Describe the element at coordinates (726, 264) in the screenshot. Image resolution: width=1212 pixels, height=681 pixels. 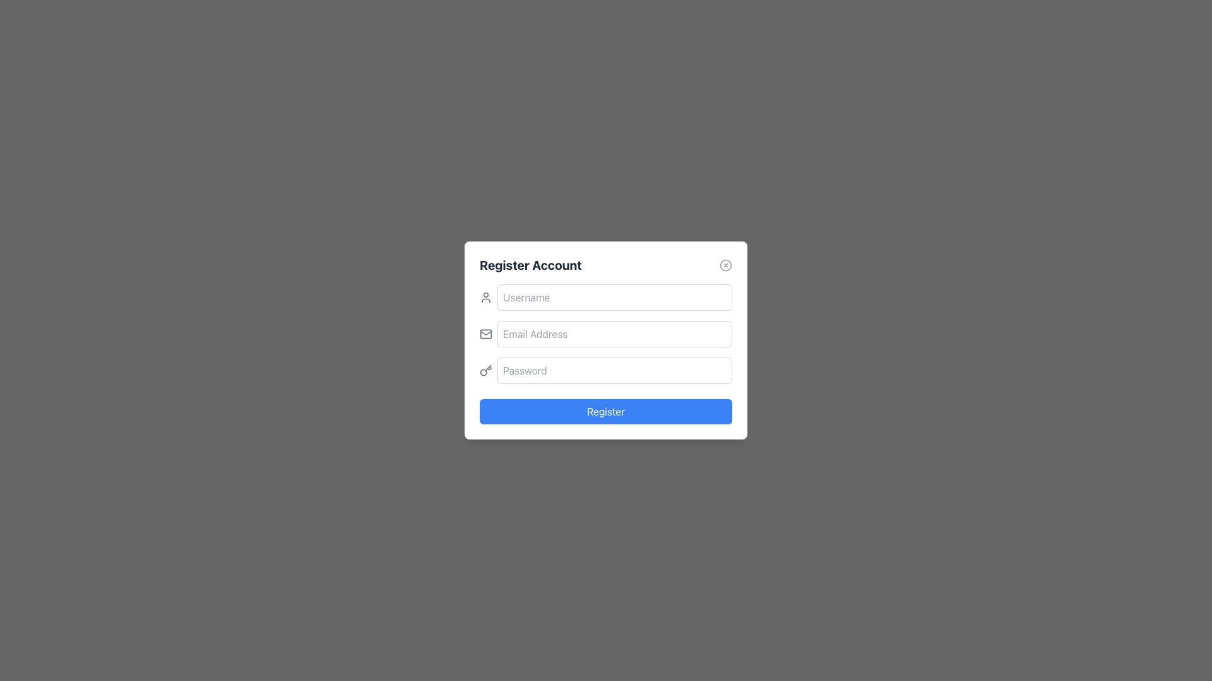
I see `the close button located at the far right of the 'Register Account' header bar` at that location.